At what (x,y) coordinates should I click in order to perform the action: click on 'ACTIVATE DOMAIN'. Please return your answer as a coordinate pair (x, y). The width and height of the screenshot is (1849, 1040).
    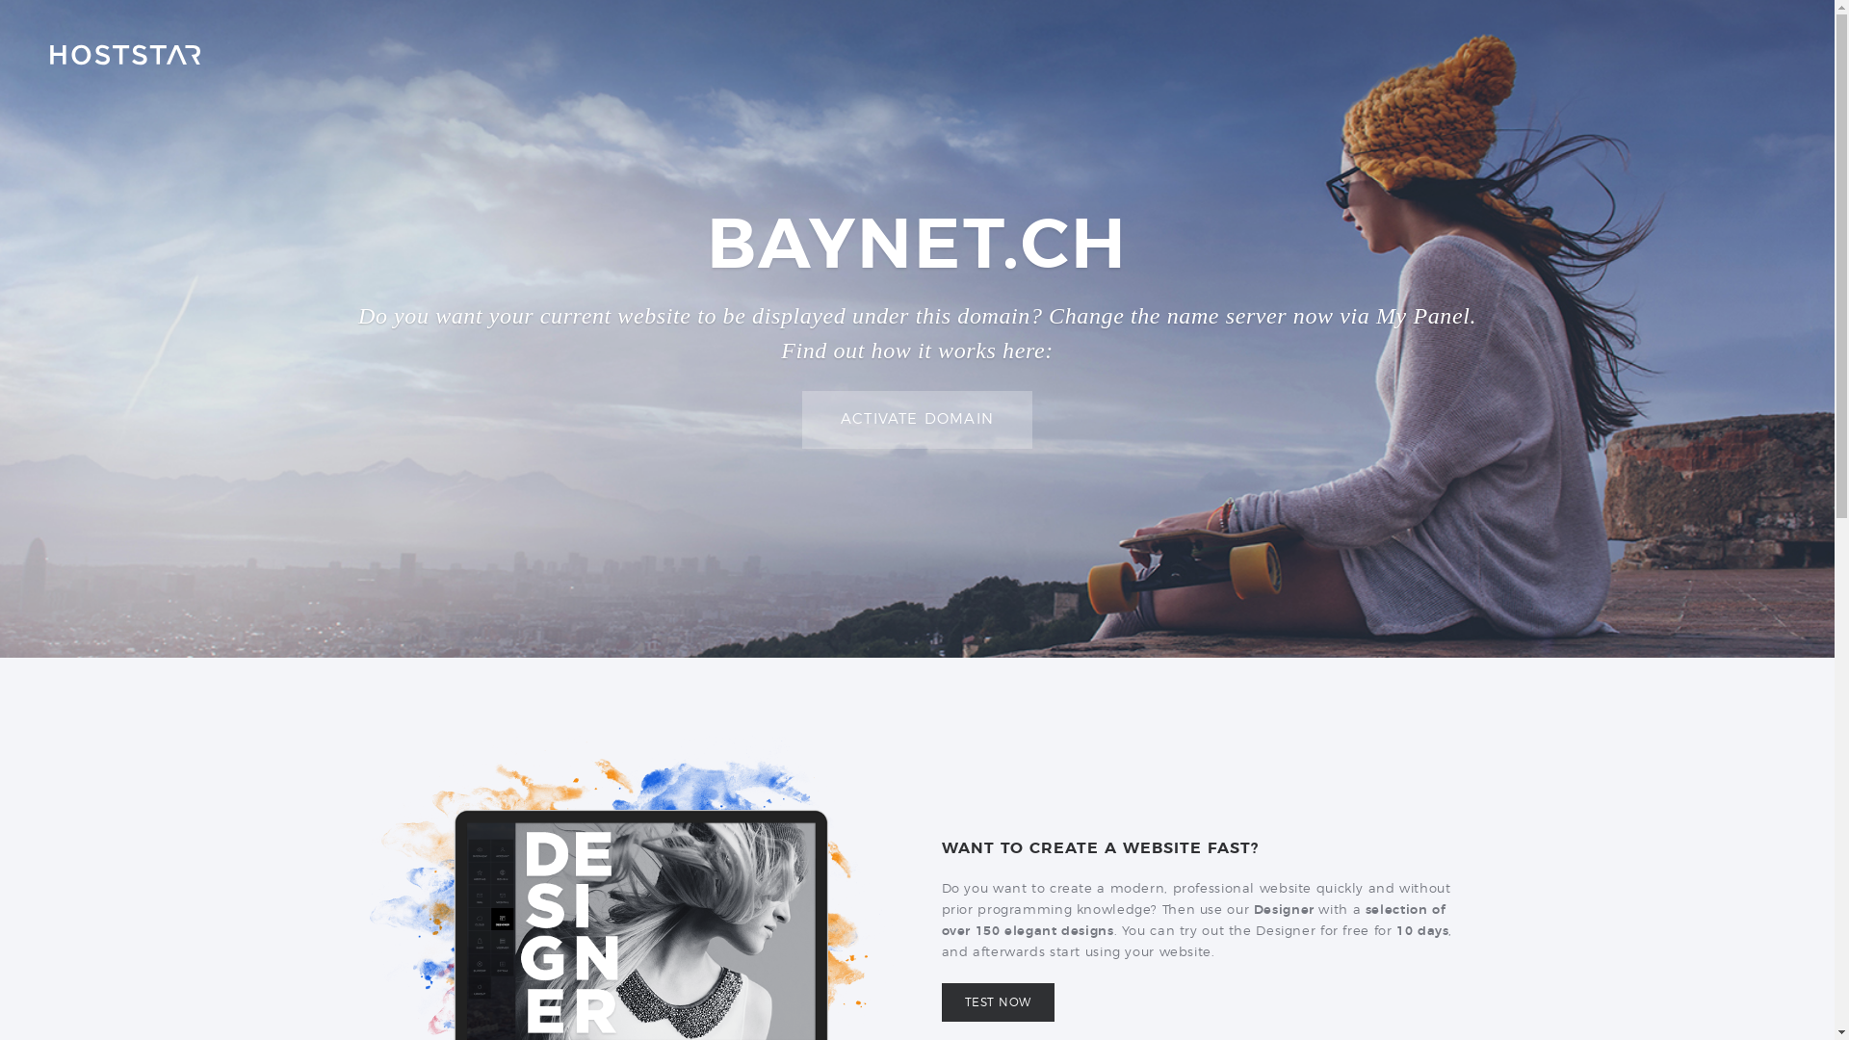
    Looking at the image, I should click on (802, 418).